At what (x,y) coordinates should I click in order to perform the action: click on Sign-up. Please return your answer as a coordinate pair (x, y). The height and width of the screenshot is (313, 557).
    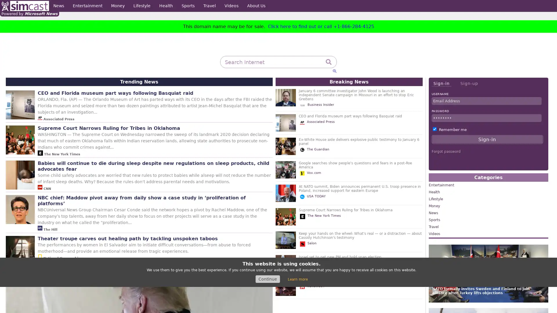
    Looking at the image, I should click on (469, 83).